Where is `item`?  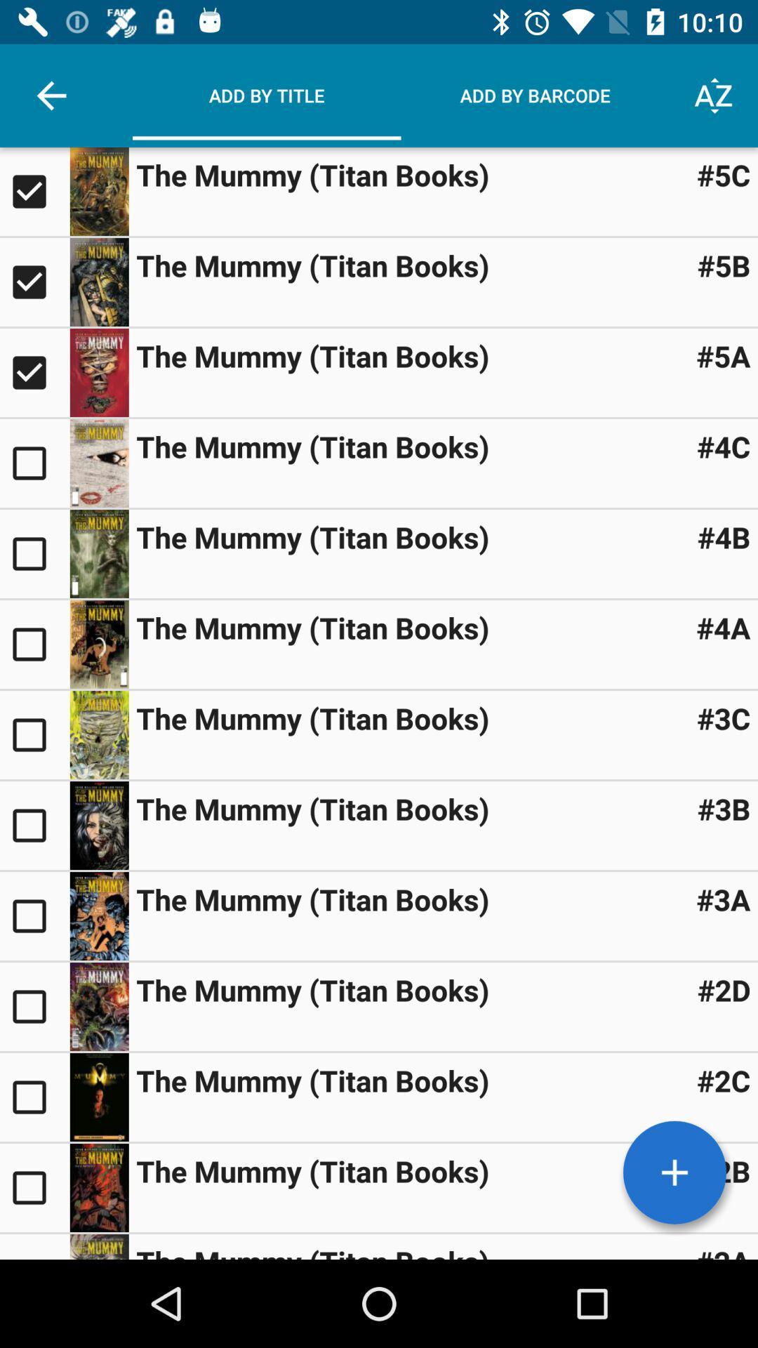 item is located at coordinates (34, 373).